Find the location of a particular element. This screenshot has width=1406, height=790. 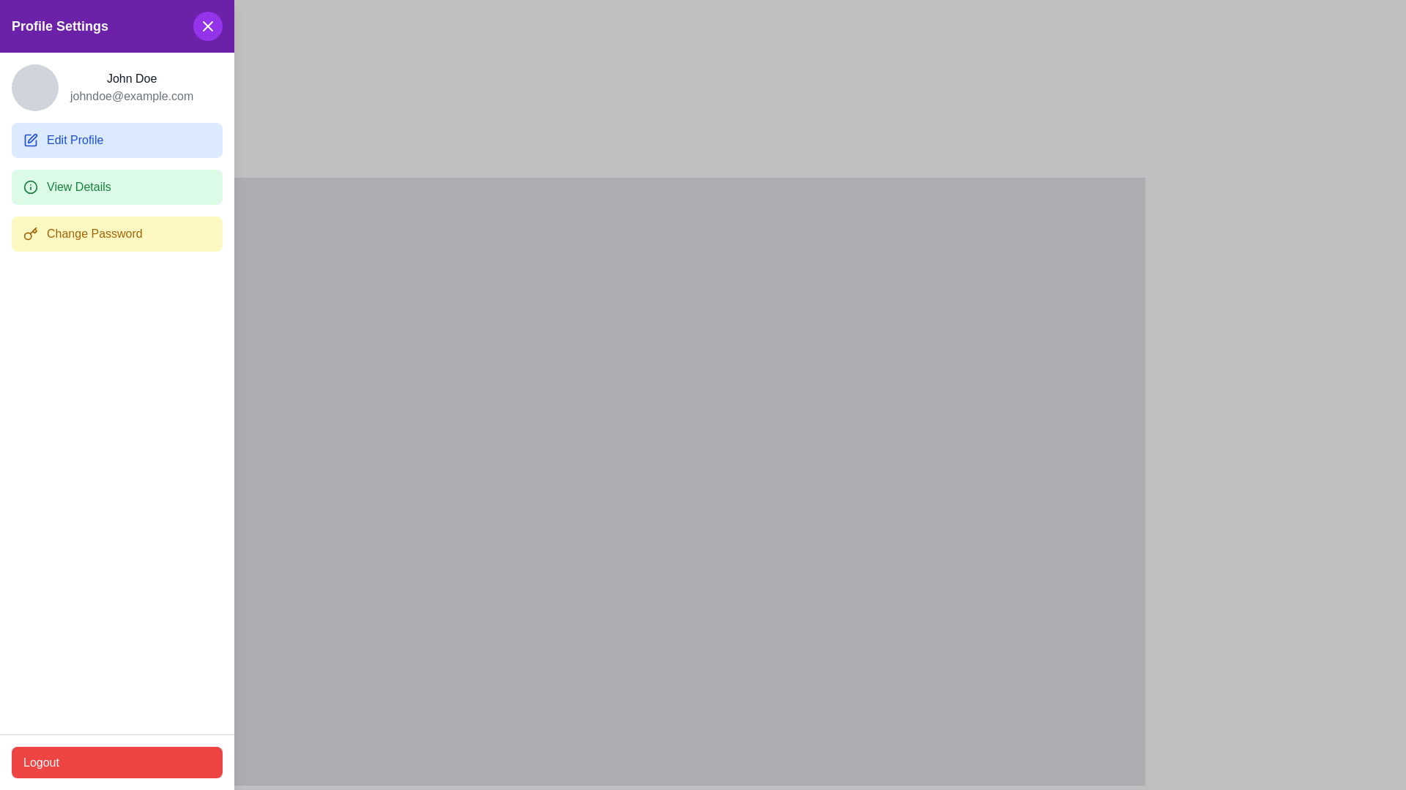

the key-shaped SVG graphic icon located at the top-left corner of the 'Change Password' button in the 'Profile Settings' section is located at coordinates (31, 233).